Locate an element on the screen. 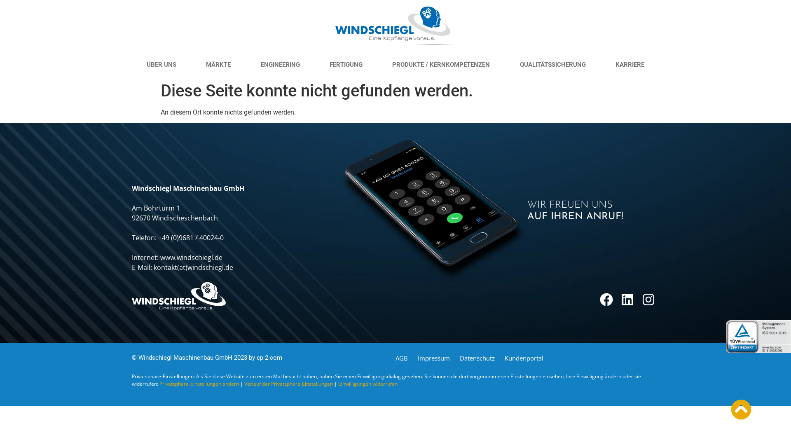  'cp-2.com' is located at coordinates (269, 357).